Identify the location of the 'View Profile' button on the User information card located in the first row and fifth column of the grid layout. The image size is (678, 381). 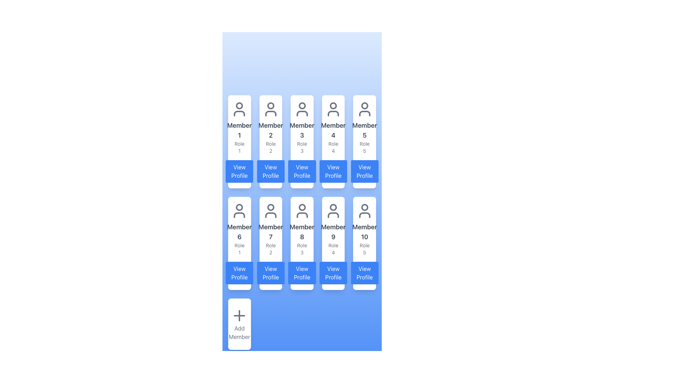
(364, 141).